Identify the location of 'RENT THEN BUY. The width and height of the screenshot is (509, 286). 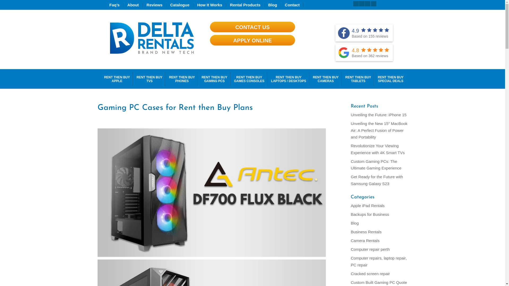
(117, 79).